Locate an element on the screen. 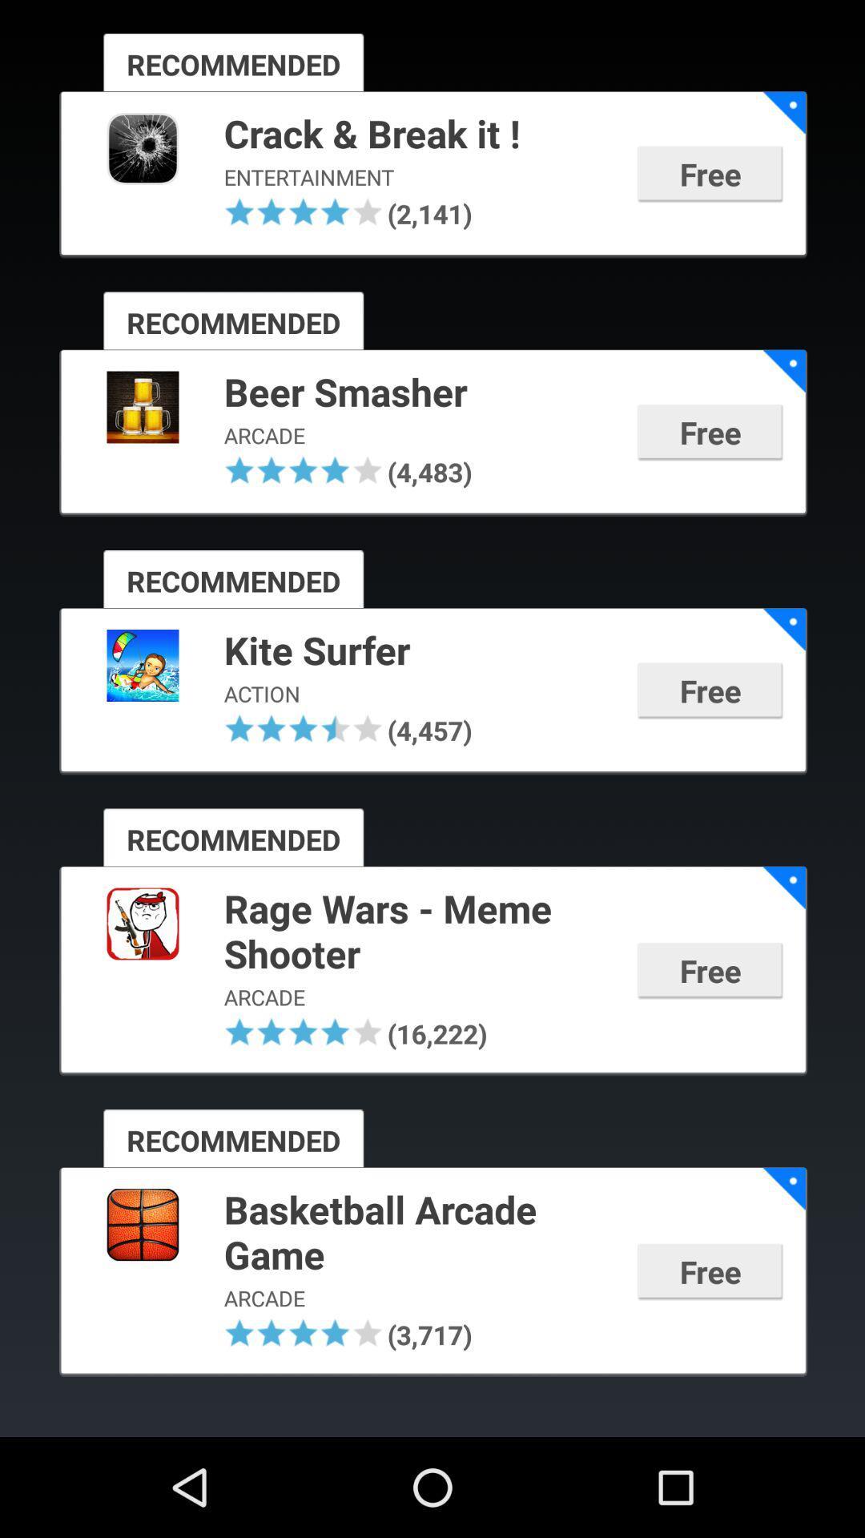  item below the action app is located at coordinates (271, 727).